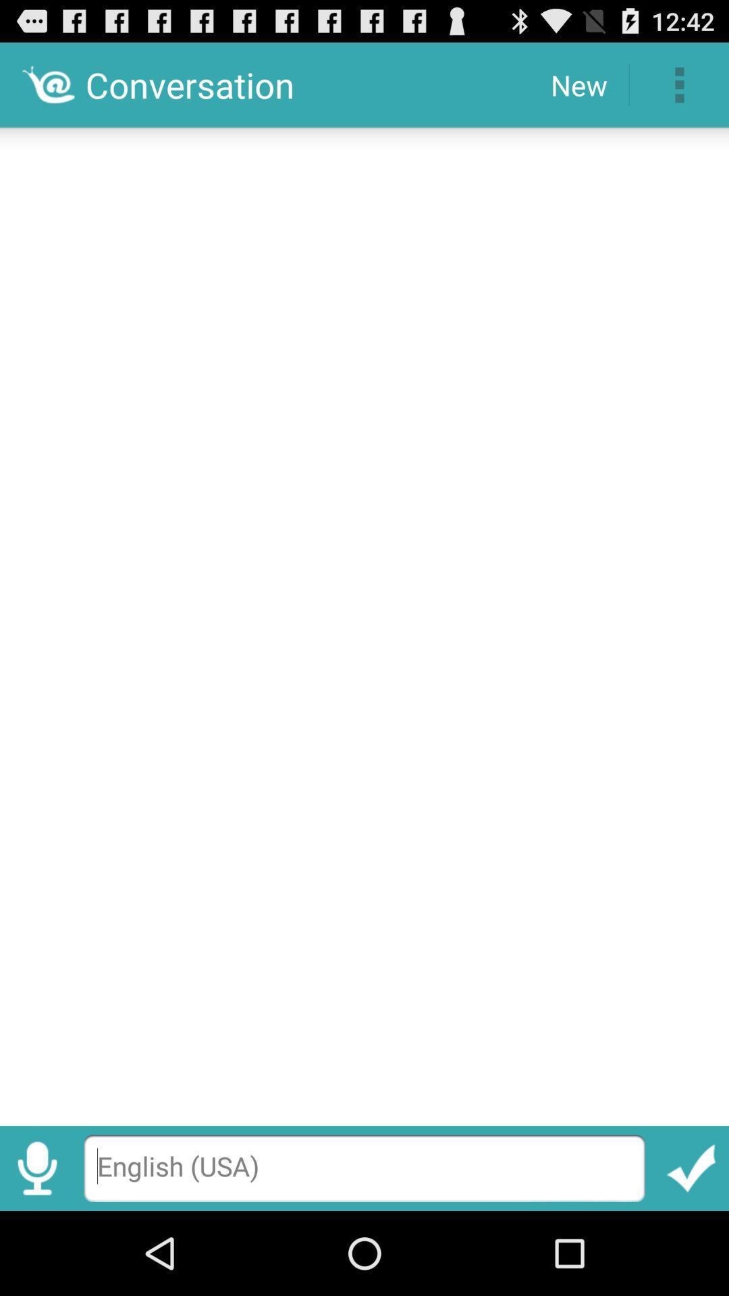  What do you see at coordinates (36, 1249) in the screenshot?
I see `the microphone icon` at bounding box center [36, 1249].